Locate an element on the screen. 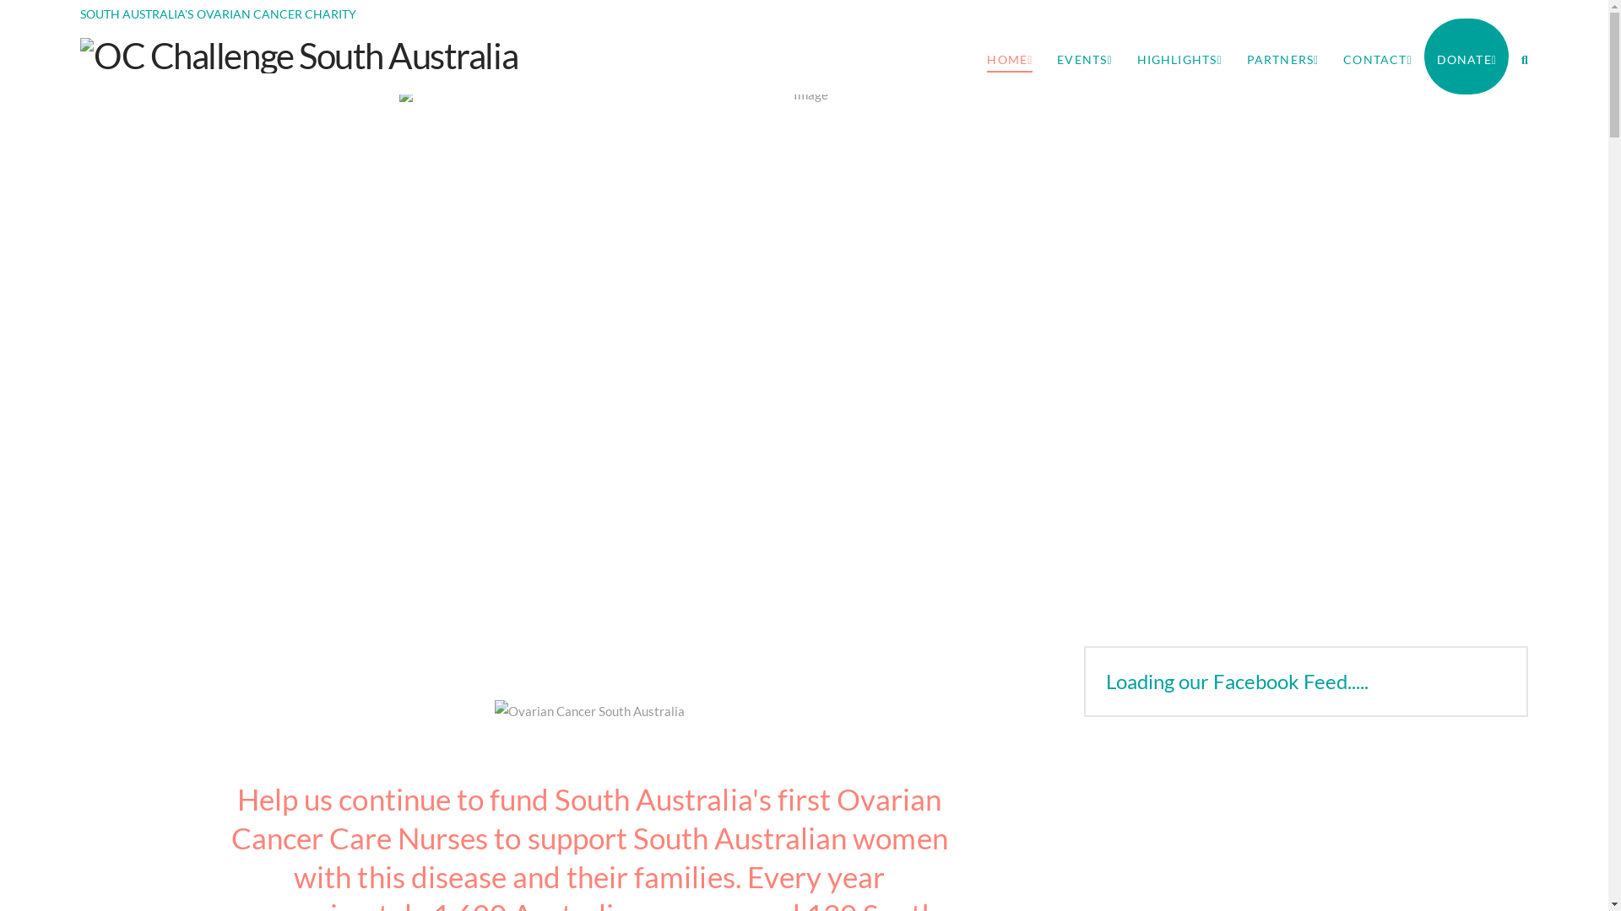 This screenshot has height=911, width=1621. 'PARTNERS' is located at coordinates (1282, 55).